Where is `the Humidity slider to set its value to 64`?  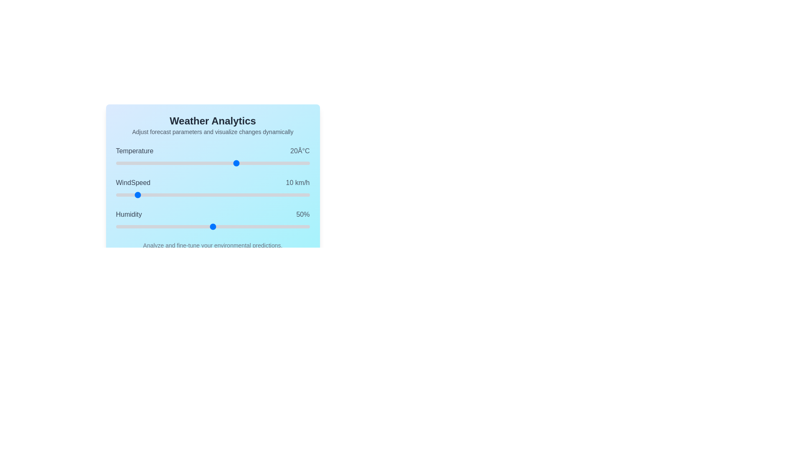 the Humidity slider to set its value to 64 is located at coordinates (239, 227).